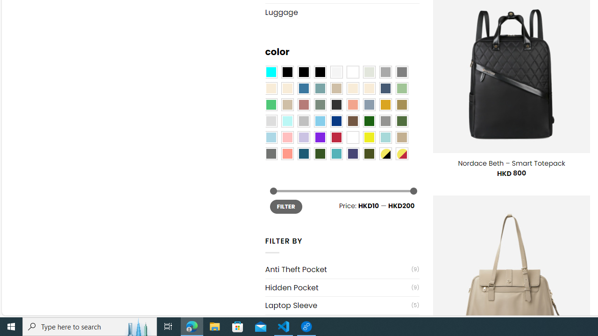  What do you see at coordinates (368, 120) in the screenshot?
I see `'Dark Green'` at bounding box center [368, 120].